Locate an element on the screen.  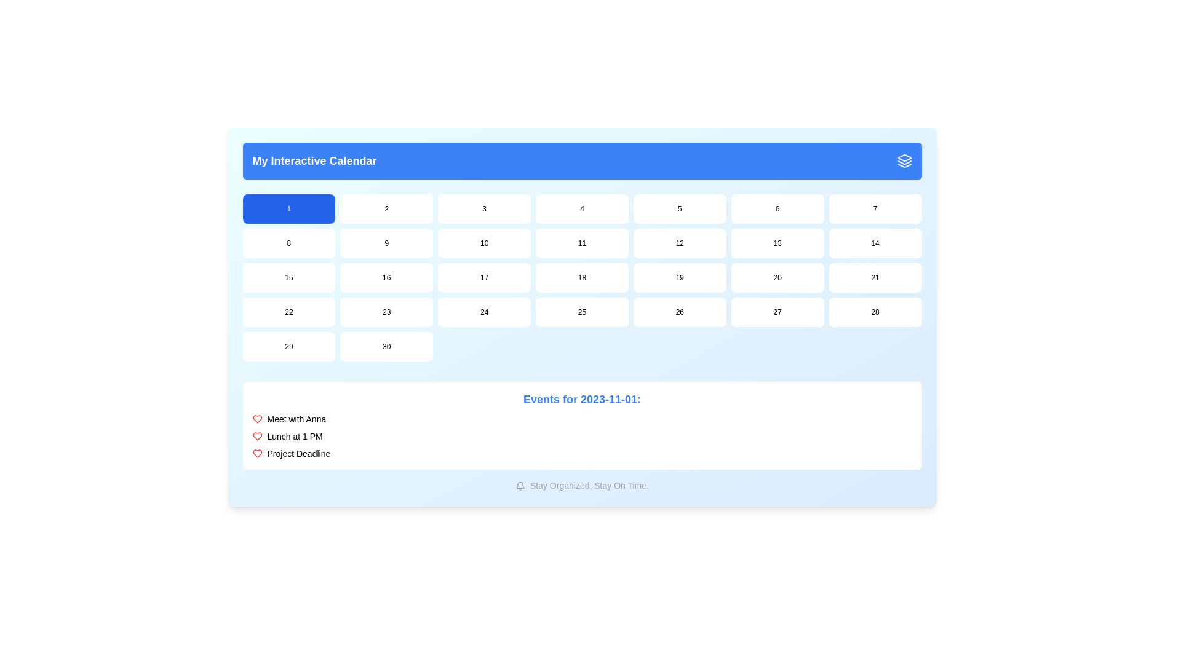
the icon located at the top-right corner of the header bar containing 'My Interactive Calendar' is located at coordinates (904, 160).